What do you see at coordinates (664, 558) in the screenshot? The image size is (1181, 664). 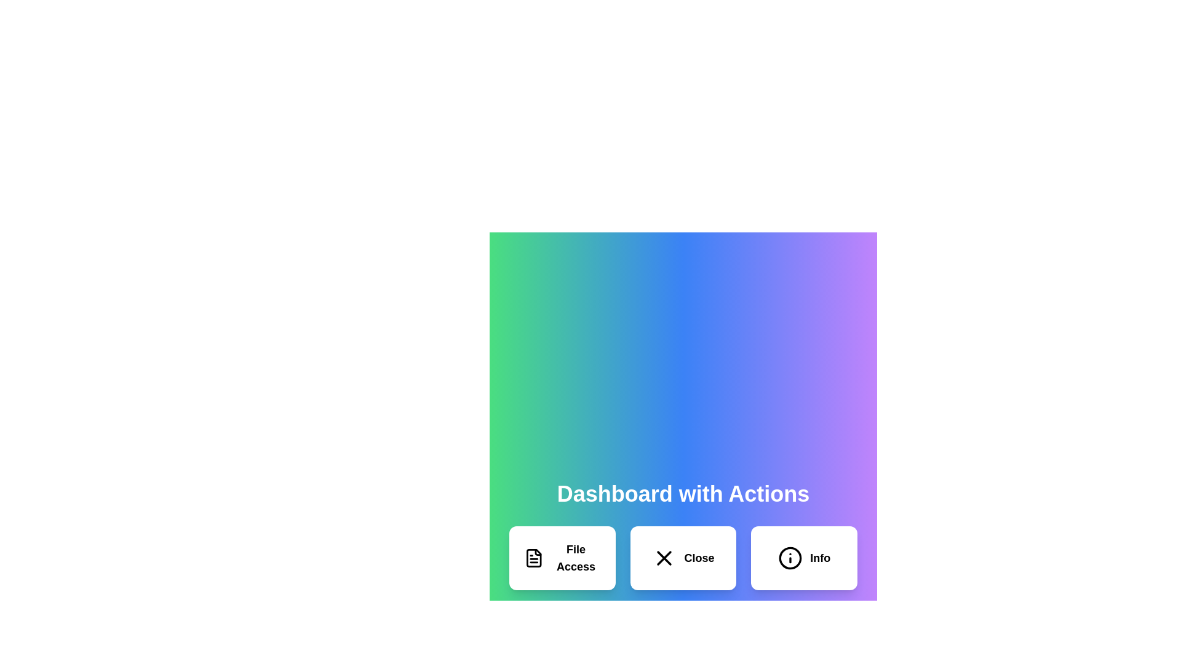 I see `the 'Close' icon located inside the second button from the left among three buttons at the bottom of a colorful gradient background` at bounding box center [664, 558].